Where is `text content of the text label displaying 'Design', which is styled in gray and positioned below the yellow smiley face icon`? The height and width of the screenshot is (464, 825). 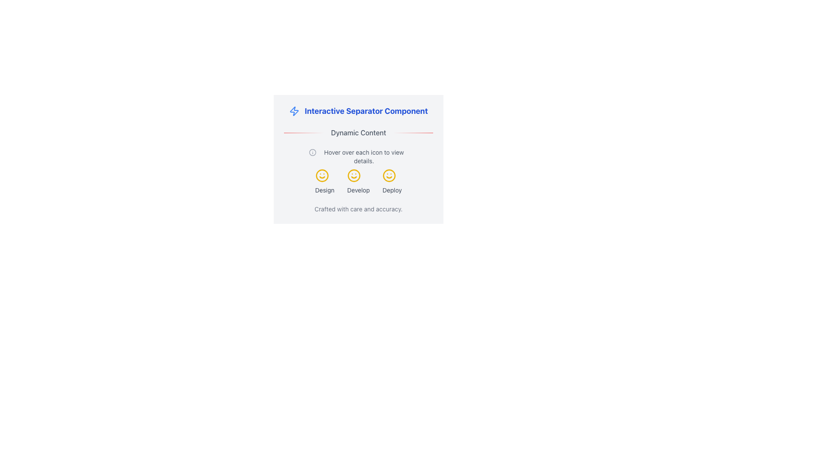 text content of the text label displaying 'Design', which is styled in gray and positioned below the yellow smiley face icon is located at coordinates (324, 190).